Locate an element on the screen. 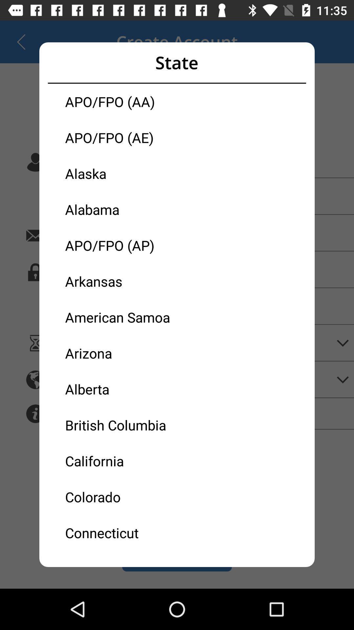 Image resolution: width=354 pixels, height=630 pixels. icon above the california is located at coordinates (121, 425).